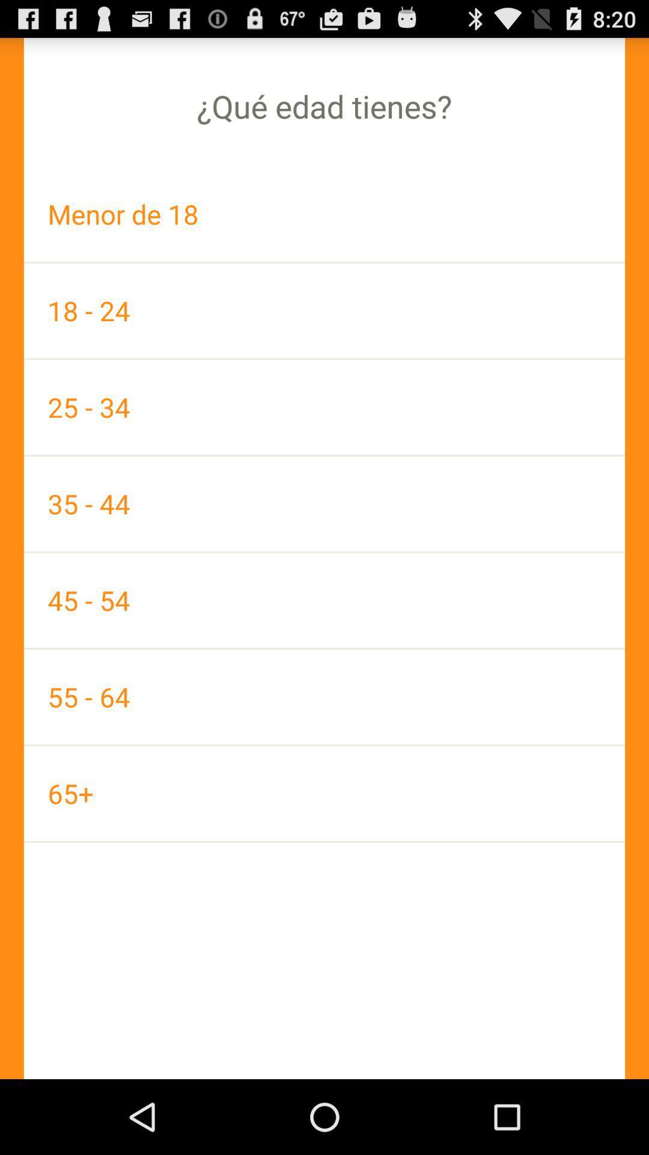 Image resolution: width=649 pixels, height=1155 pixels. I want to click on the app at the bottom, so click(324, 793).